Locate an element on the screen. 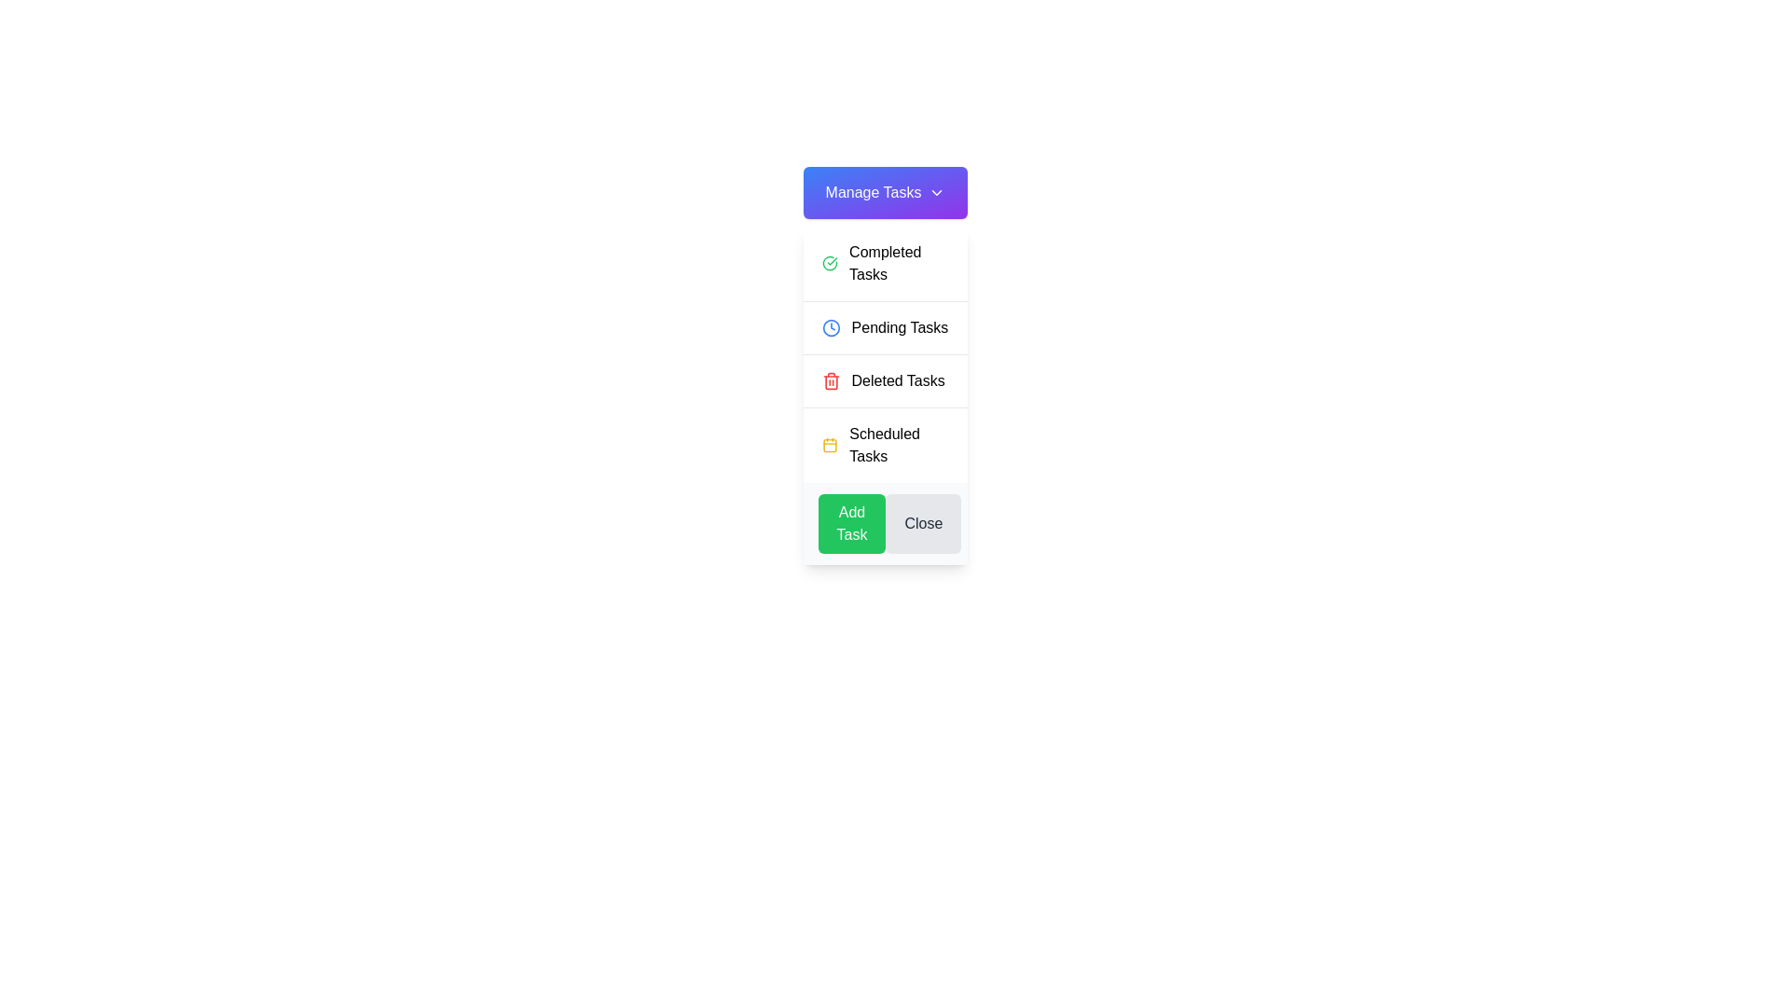 The height and width of the screenshot is (1007, 1790). properties of the clock icon, which is a small blue SVG graphic with clock hands, located next to the 'Pending Tasks' text in the second row of the vertical menu under 'Manage Tasks' is located at coordinates (830, 326).